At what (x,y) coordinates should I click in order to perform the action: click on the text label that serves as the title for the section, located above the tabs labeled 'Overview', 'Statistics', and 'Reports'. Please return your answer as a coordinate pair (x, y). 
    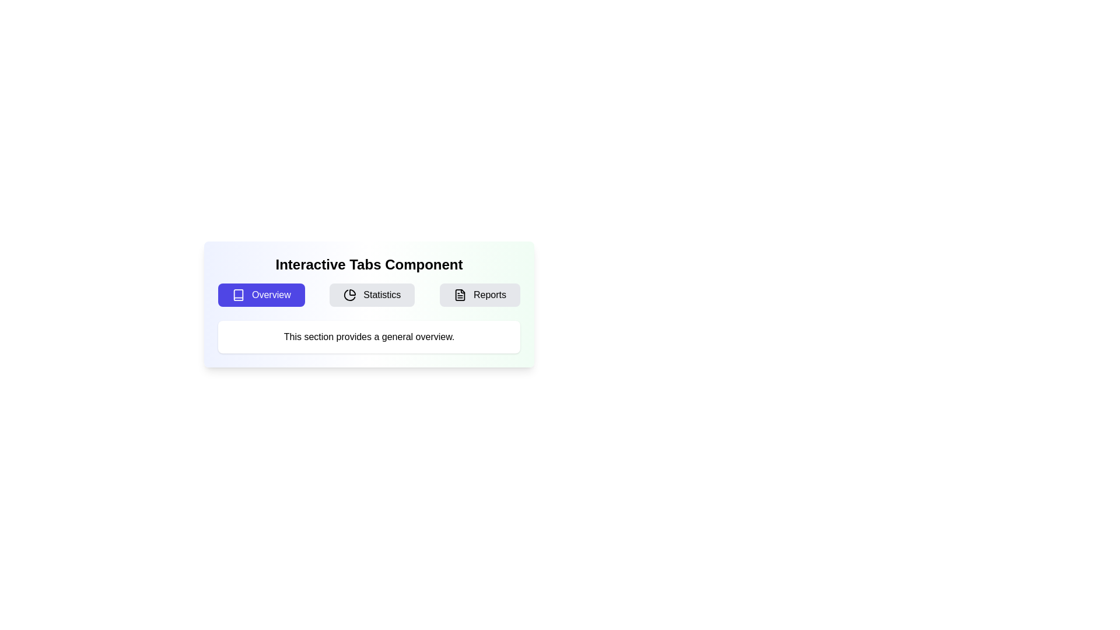
    Looking at the image, I should click on (369, 265).